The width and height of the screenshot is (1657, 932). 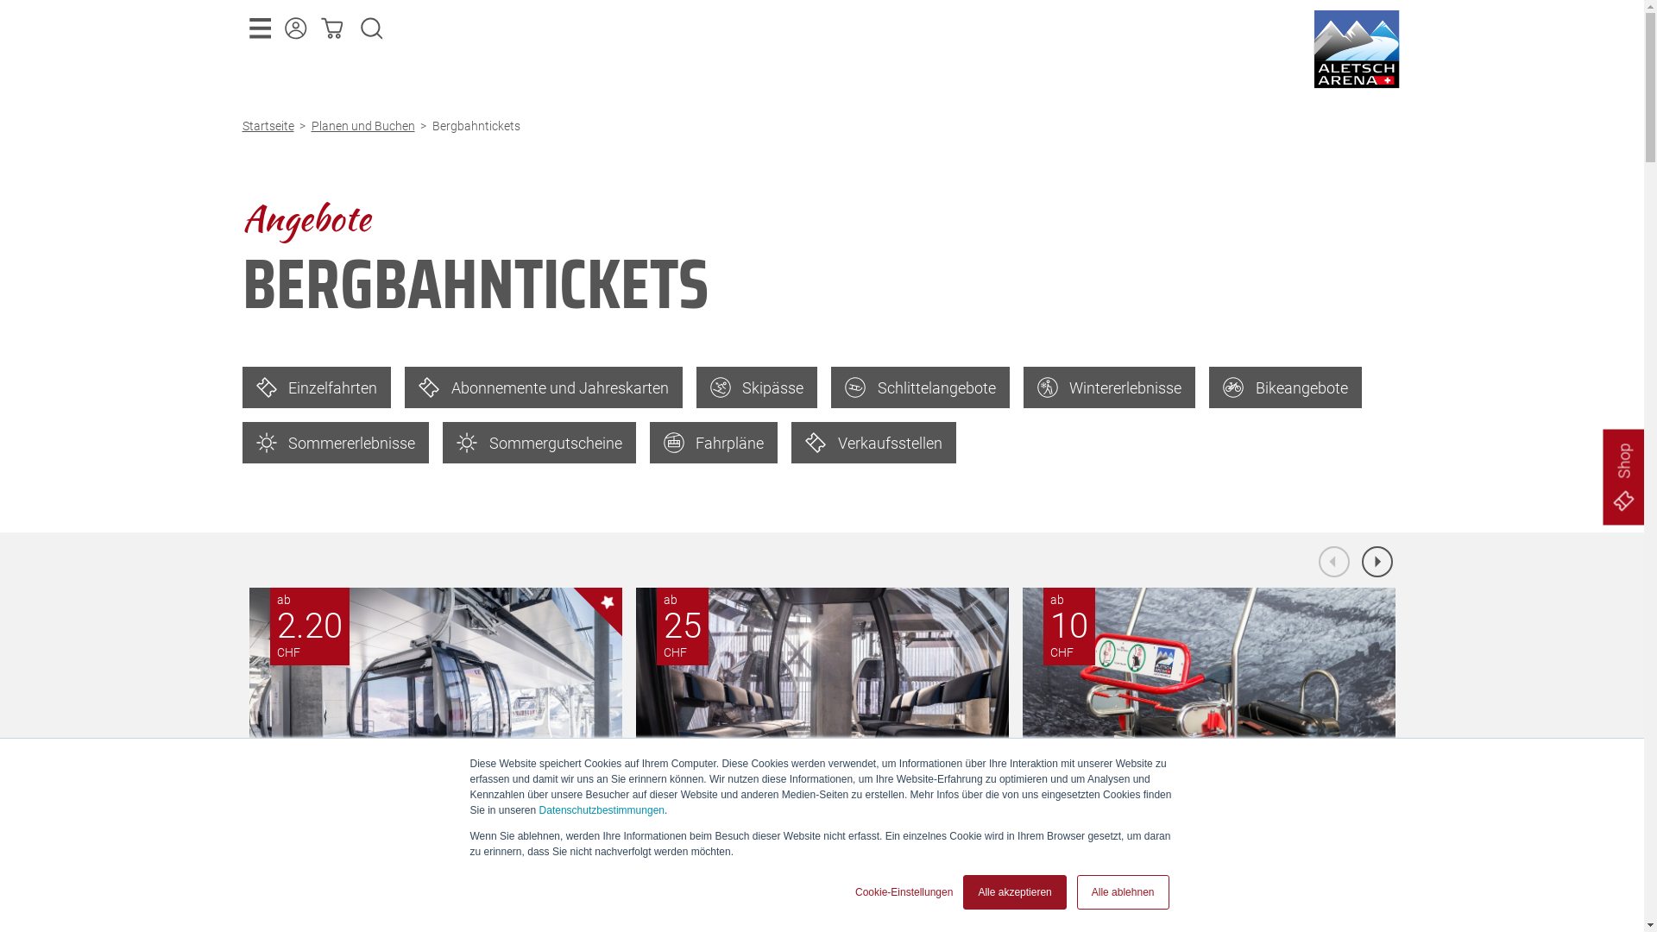 I want to click on 'Schlittelangebote', so click(x=919, y=386).